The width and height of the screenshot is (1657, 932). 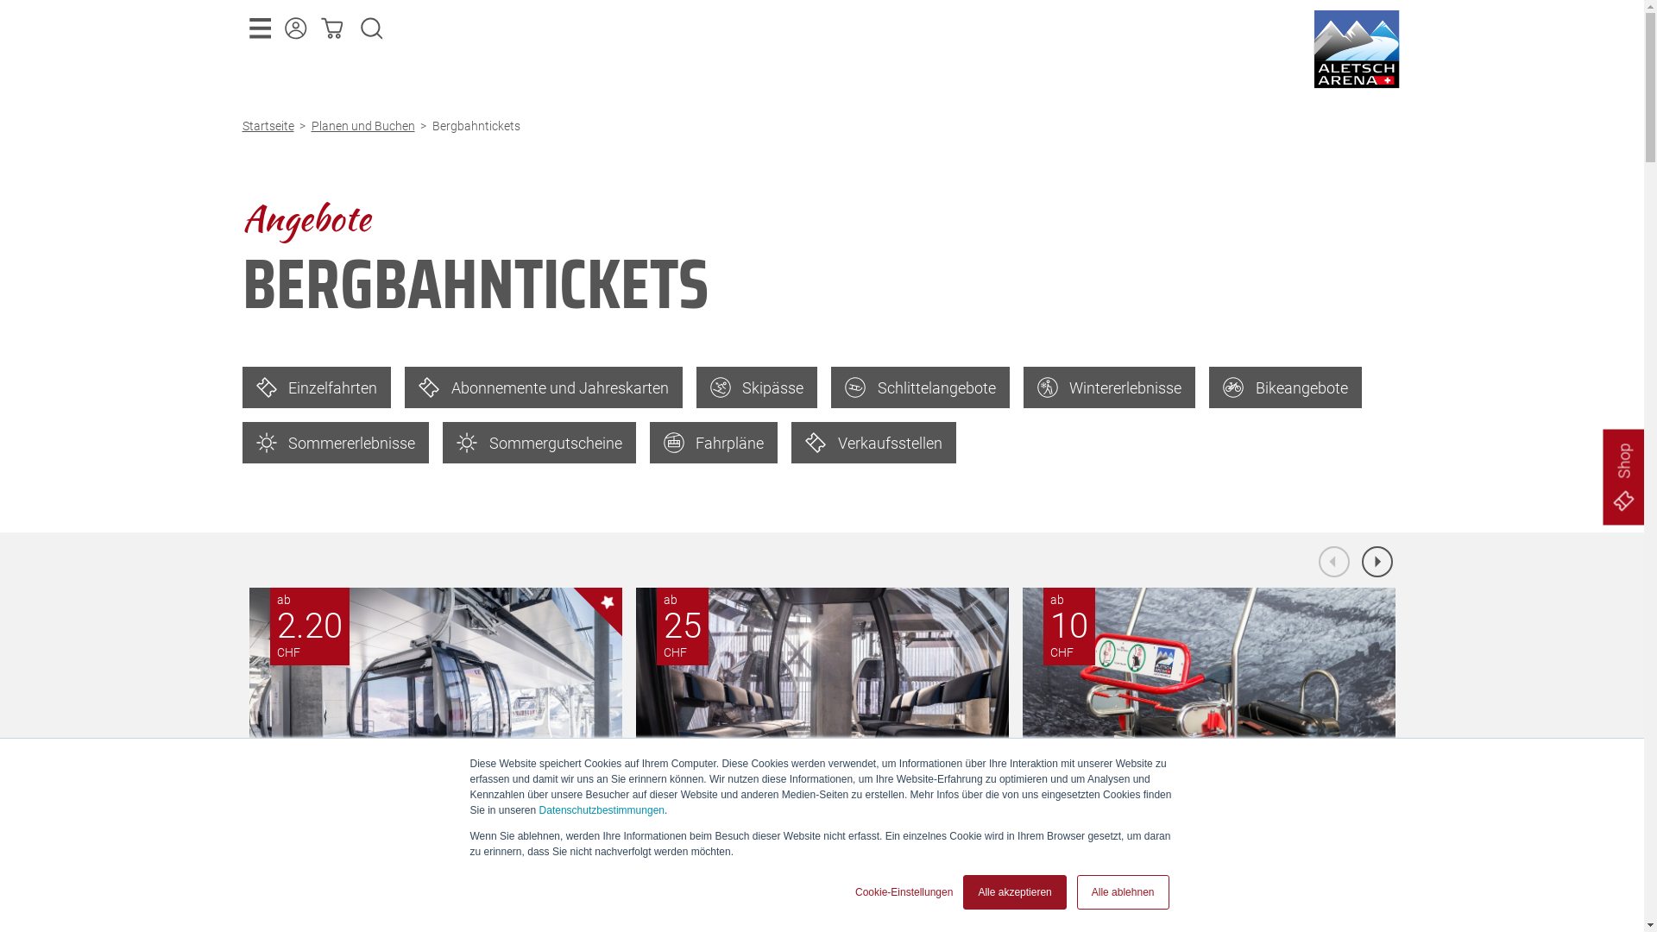 I want to click on 'Schlittelangebote', so click(x=919, y=386).